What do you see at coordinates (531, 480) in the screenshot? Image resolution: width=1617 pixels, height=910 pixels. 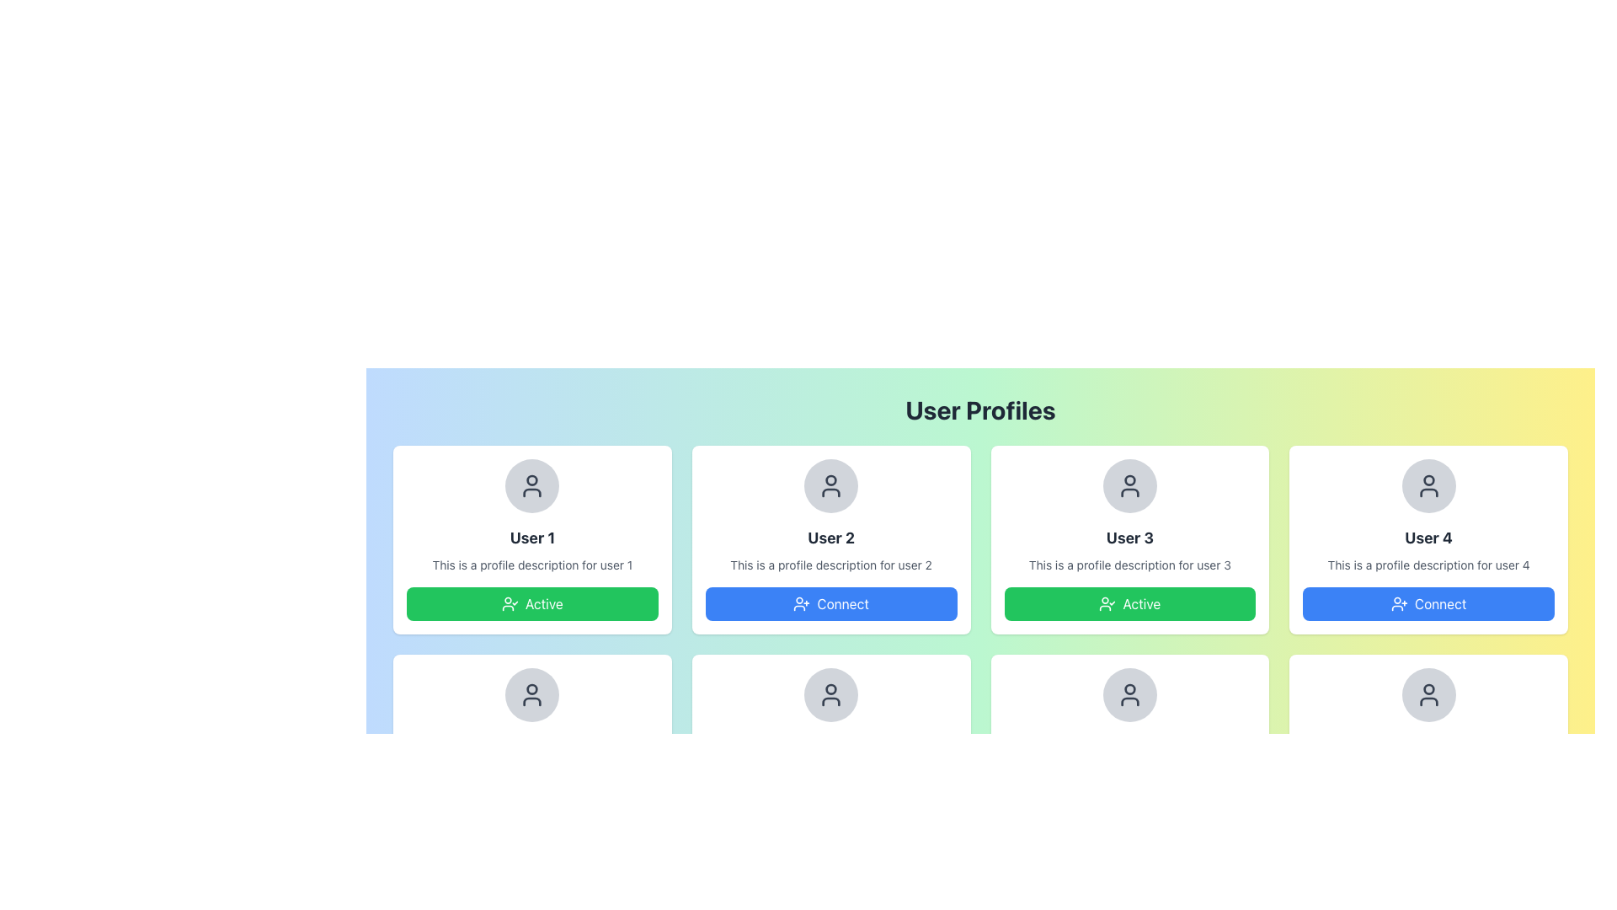 I see `the decorative or functional part of the avatar icon located at the top center of the User 1 profile card` at bounding box center [531, 480].